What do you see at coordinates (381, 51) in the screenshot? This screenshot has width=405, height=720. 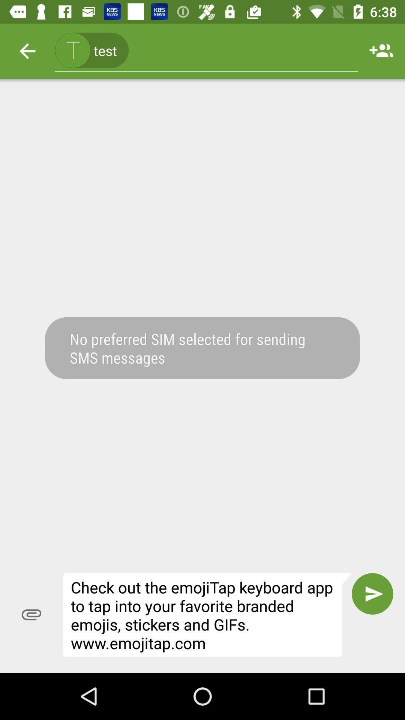 I see `icon to the right of the (415) 123-4567,  icon` at bounding box center [381, 51].